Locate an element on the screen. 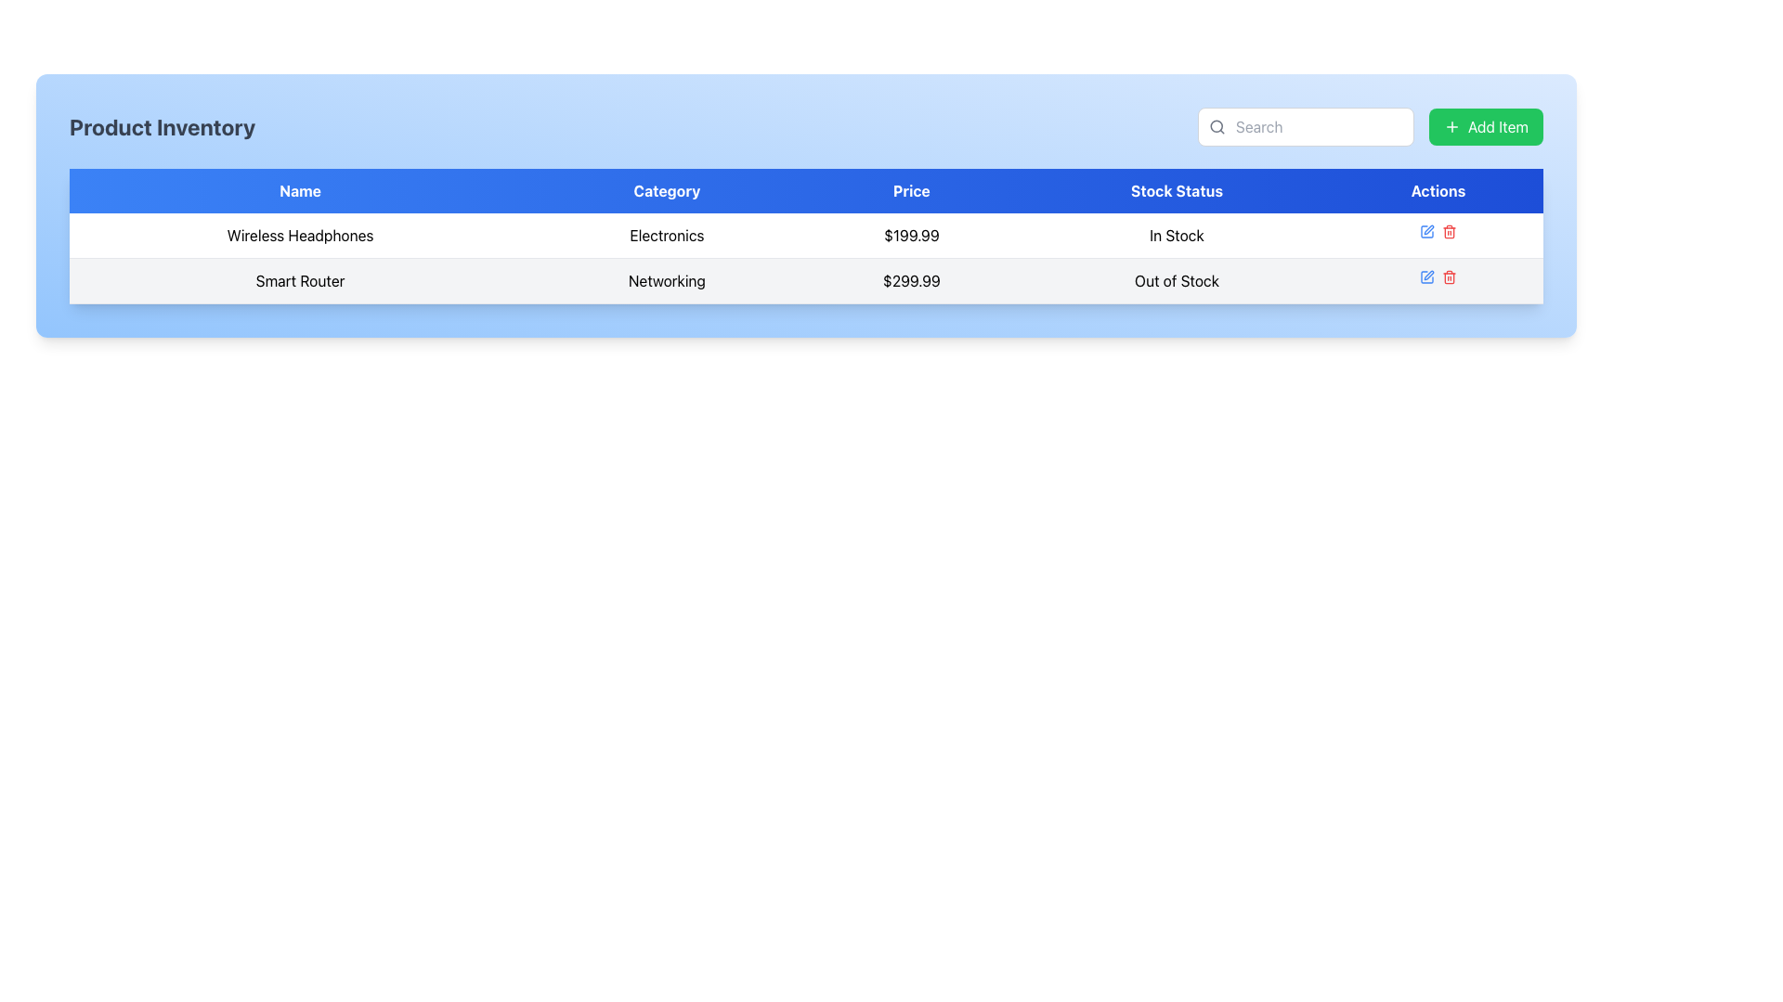 Image resolution: width=1783 pixels, height=1002 pixels. the search input area icon located at the top-left corner of the search bar input field is located at coordinates (1217, 126).